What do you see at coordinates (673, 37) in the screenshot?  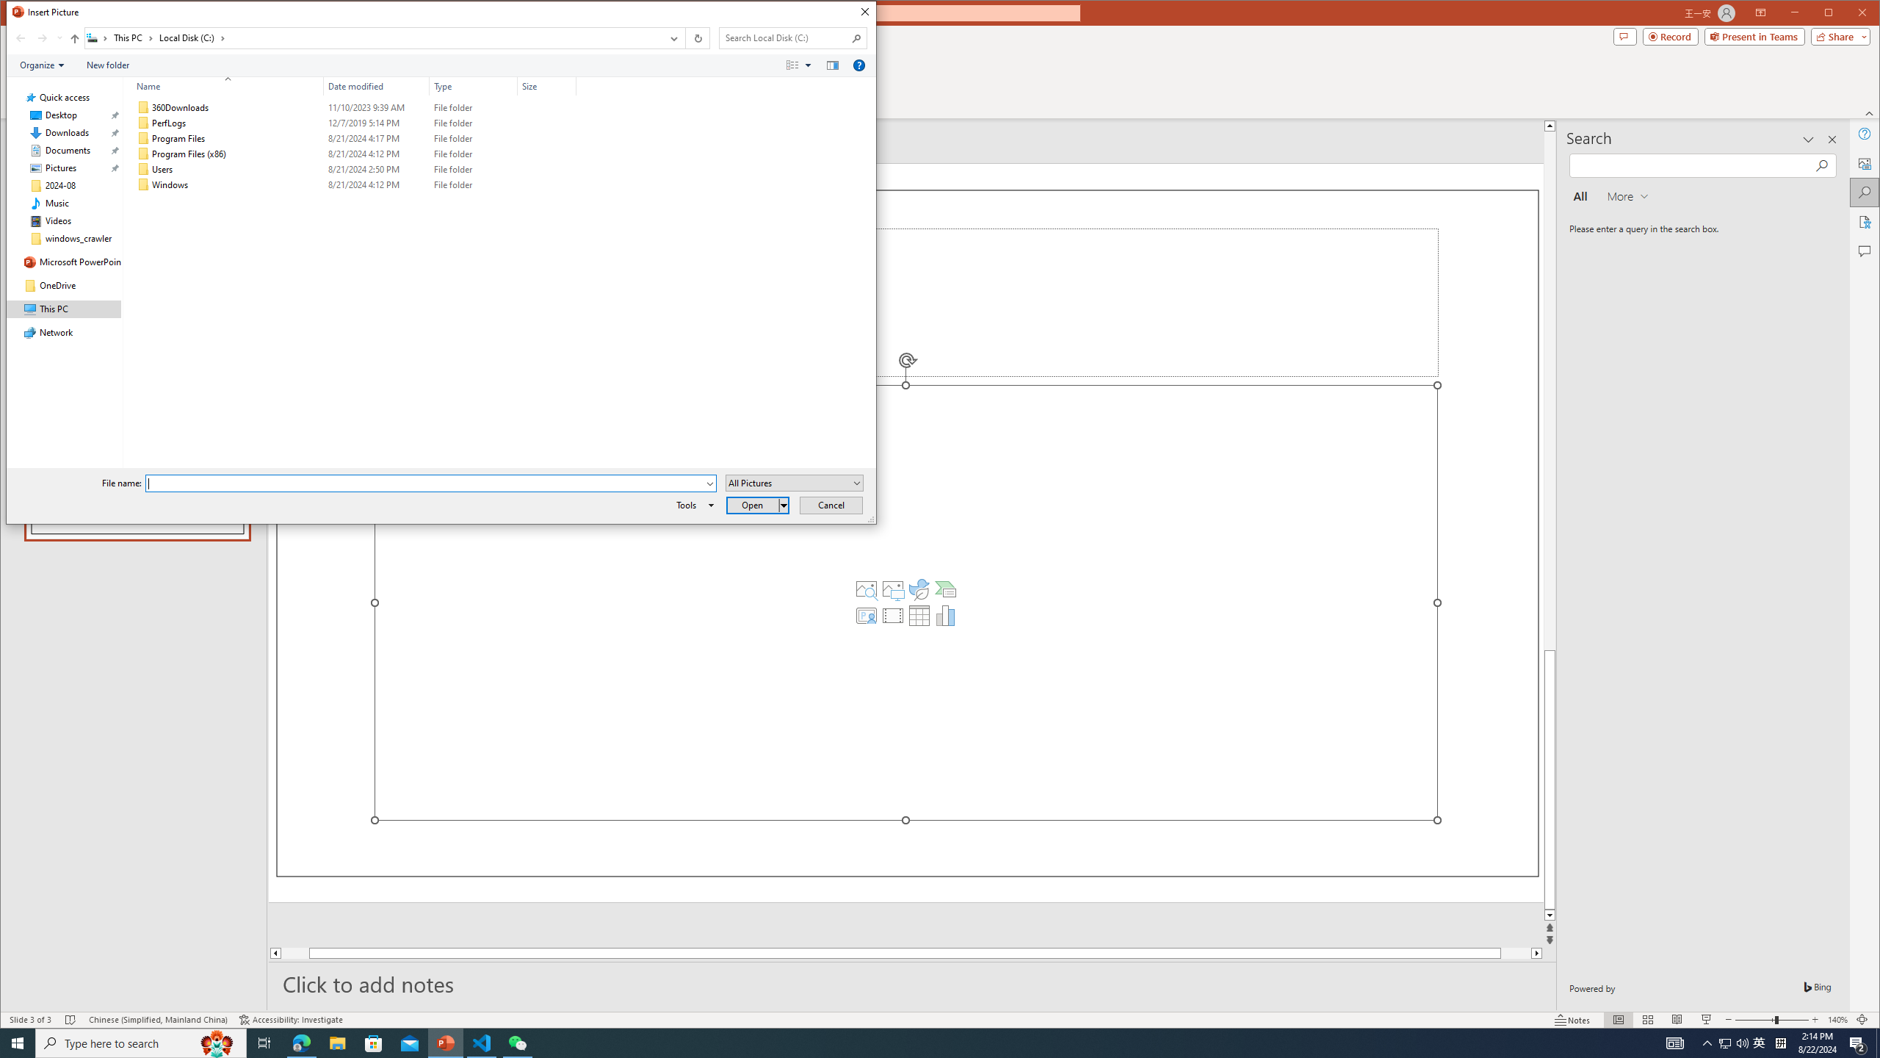 I see `'Previous Locations'` at bounding box center [673, 37].